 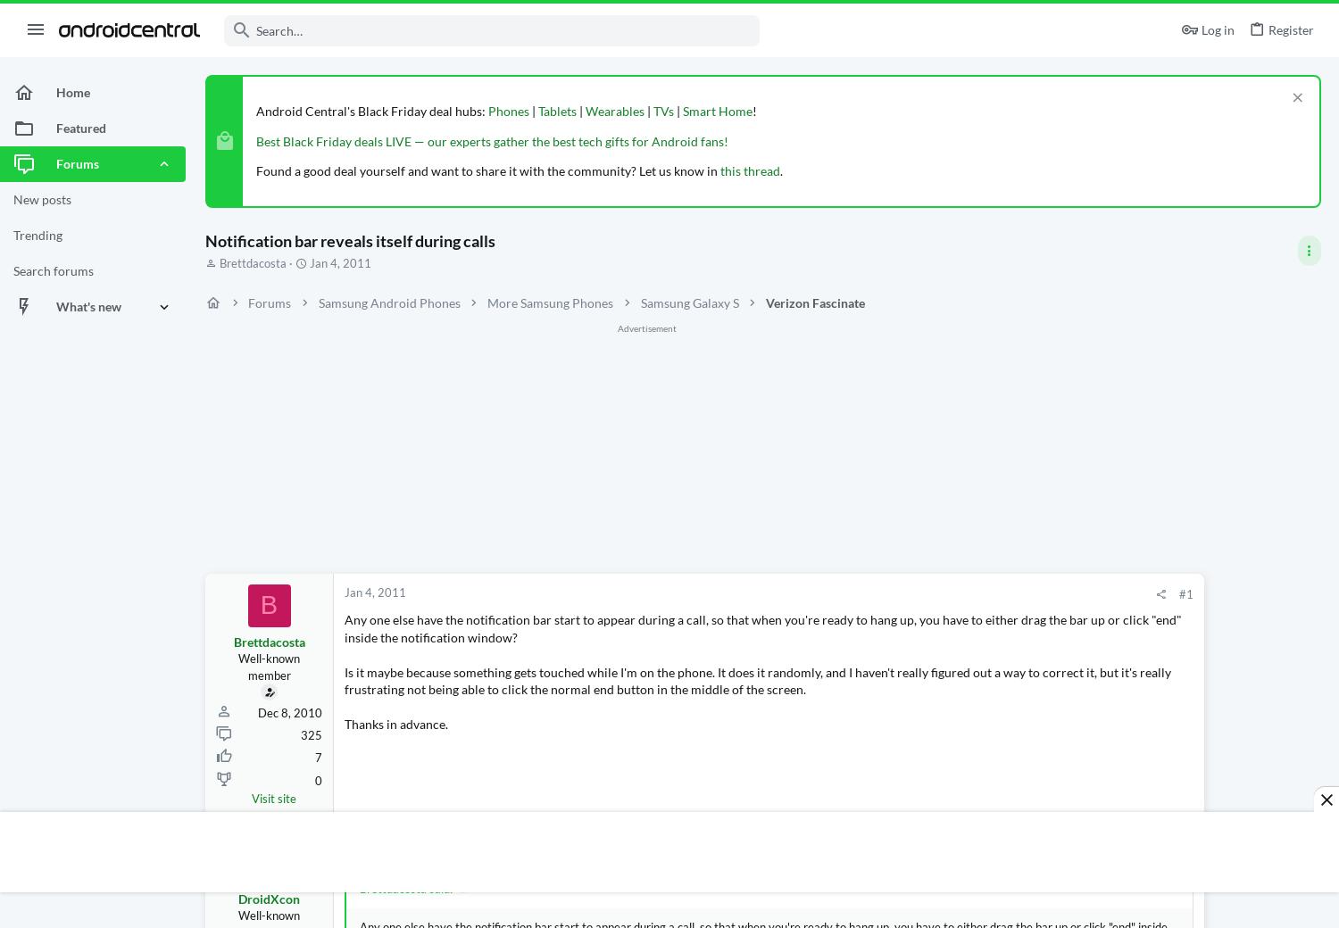 I want to click on 'Phones', so click(x=508, y=110).